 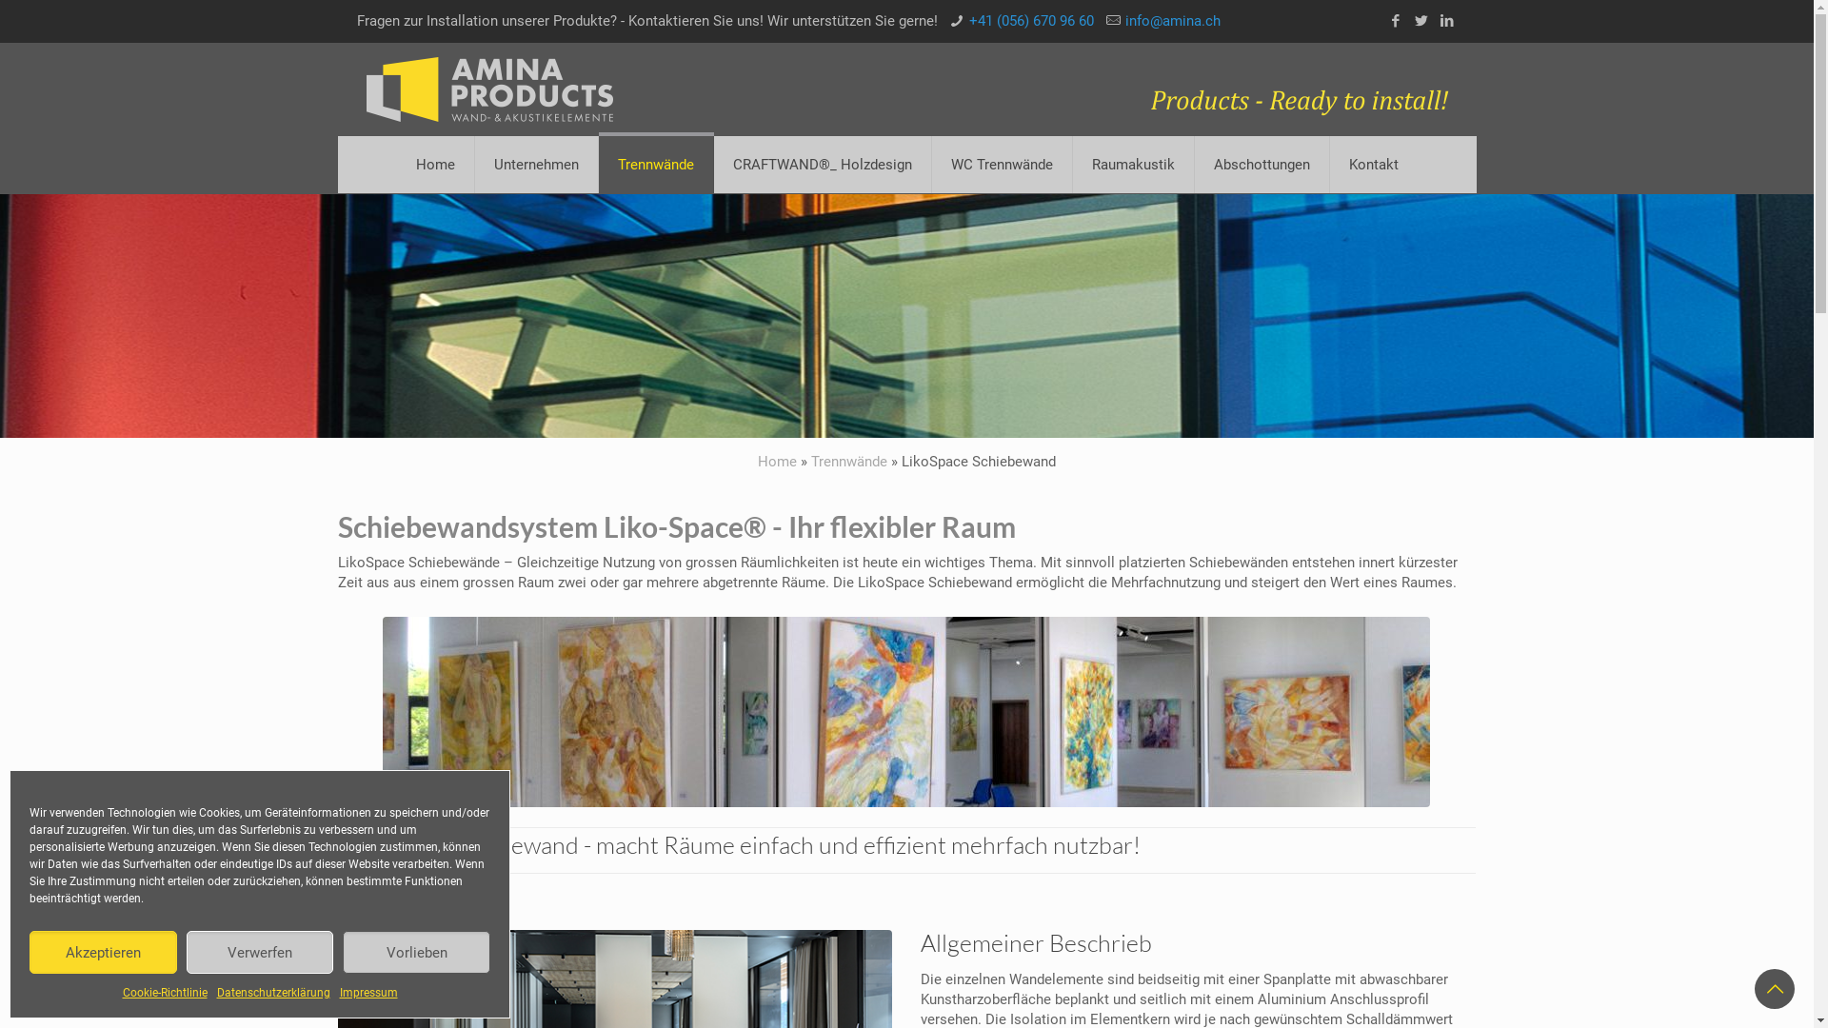 What do you see at coordinates (488, 89) in the screenshot?
I see `'Amina Products'` at bounding box center [488, 89].